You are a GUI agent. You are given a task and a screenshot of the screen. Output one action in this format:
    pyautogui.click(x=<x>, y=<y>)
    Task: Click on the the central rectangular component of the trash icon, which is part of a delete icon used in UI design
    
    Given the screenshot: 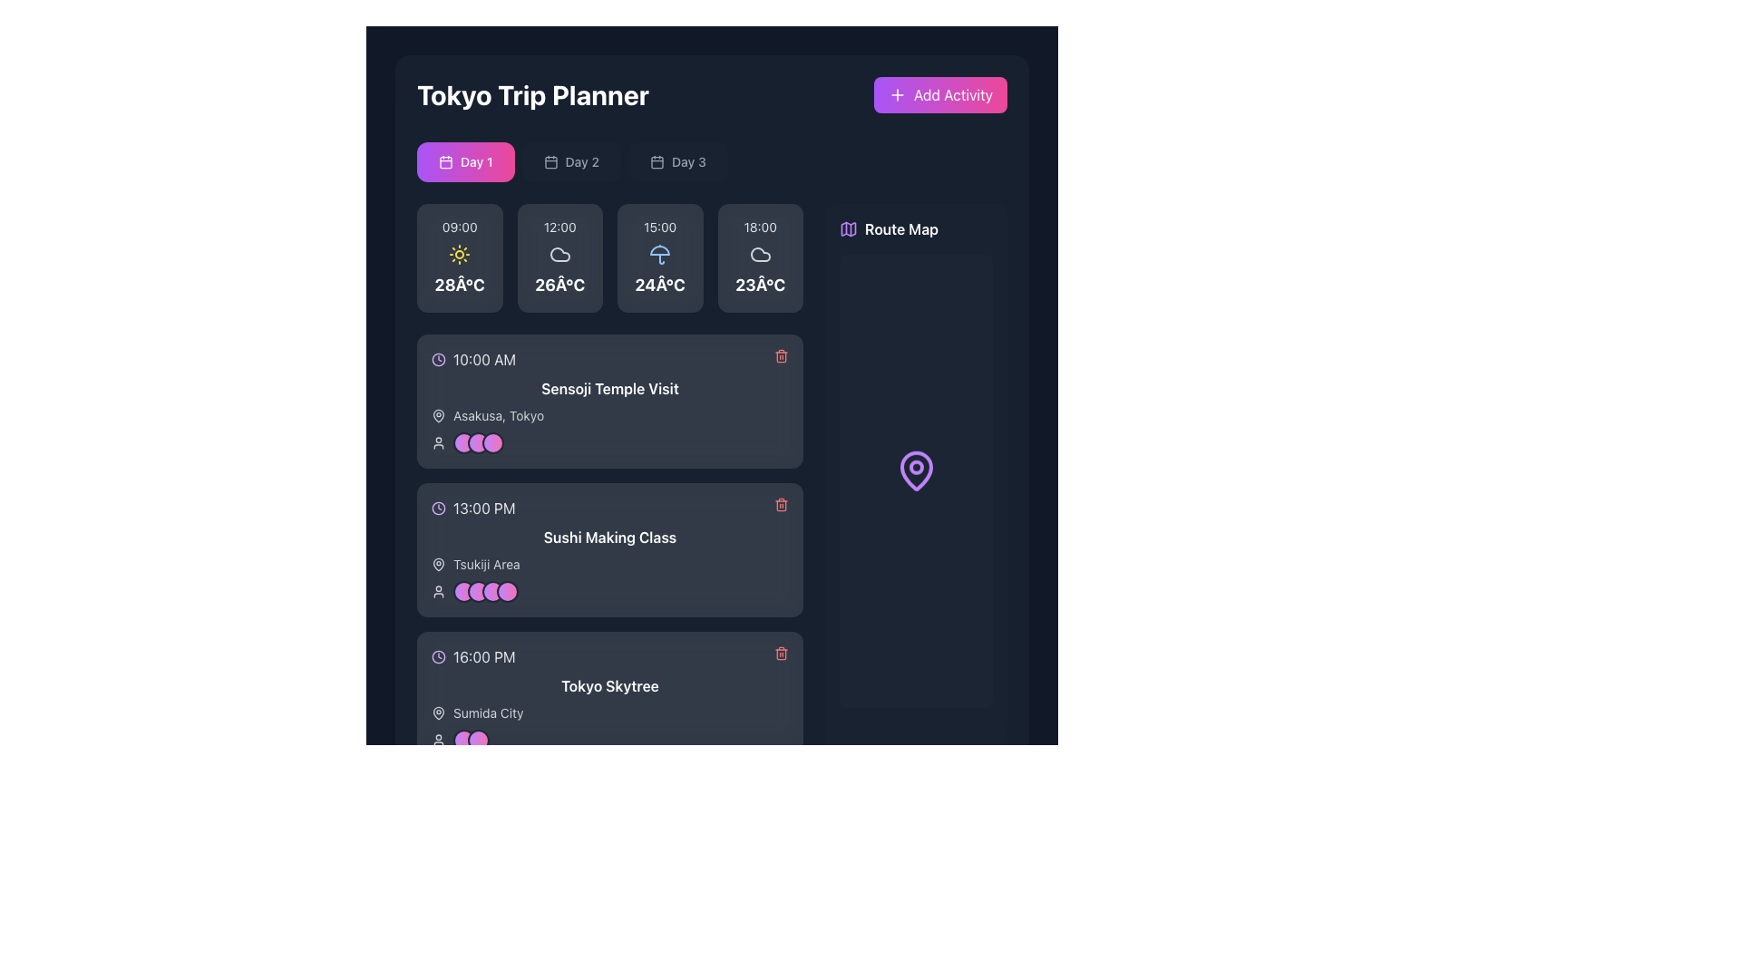 What is the action you would take?
    pyautogui.click(x=782, y=356)
    